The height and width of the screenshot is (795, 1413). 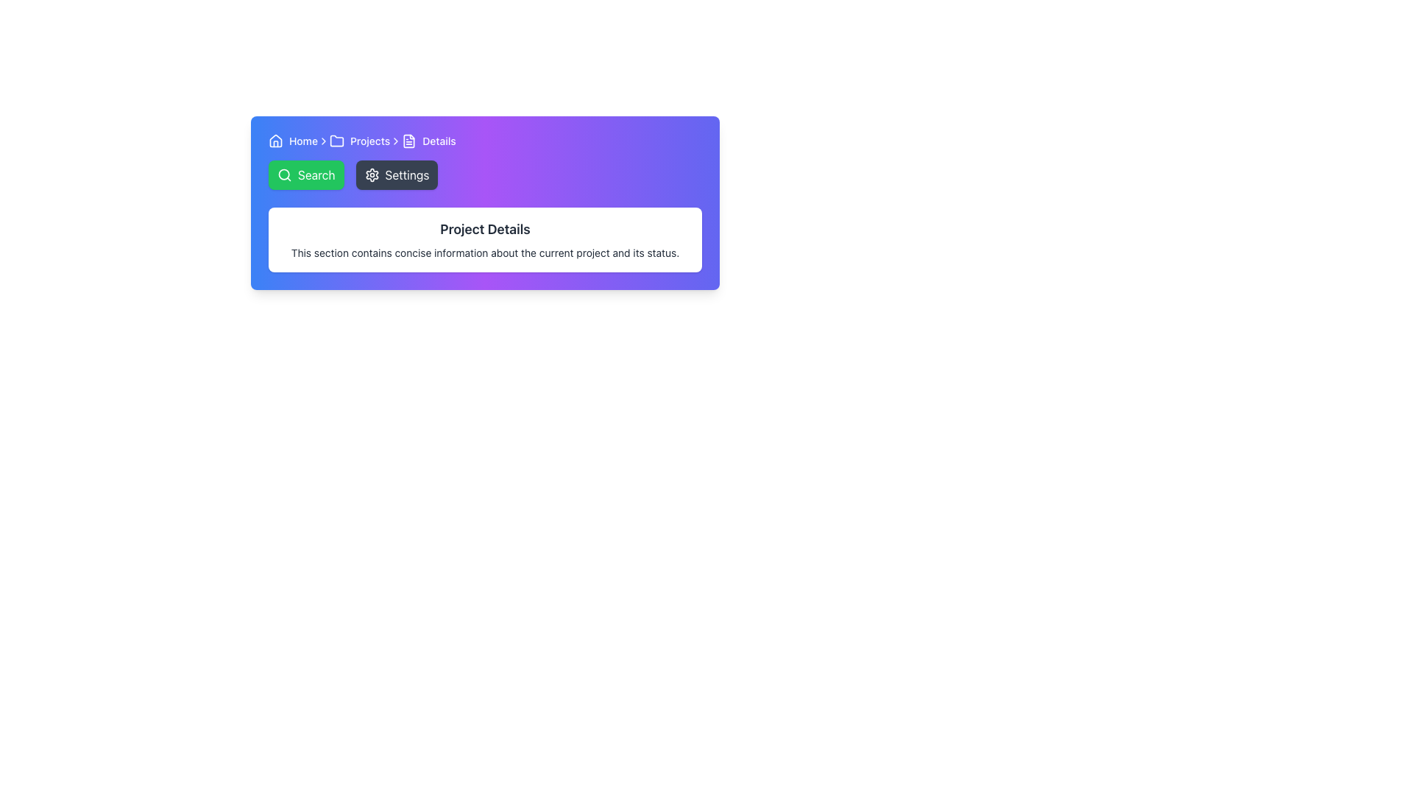 What do you see at coordinates (370, 141) in the screenshot?
I see `the 'Projects' breadcrumb label` at bounding box center [370, 141].